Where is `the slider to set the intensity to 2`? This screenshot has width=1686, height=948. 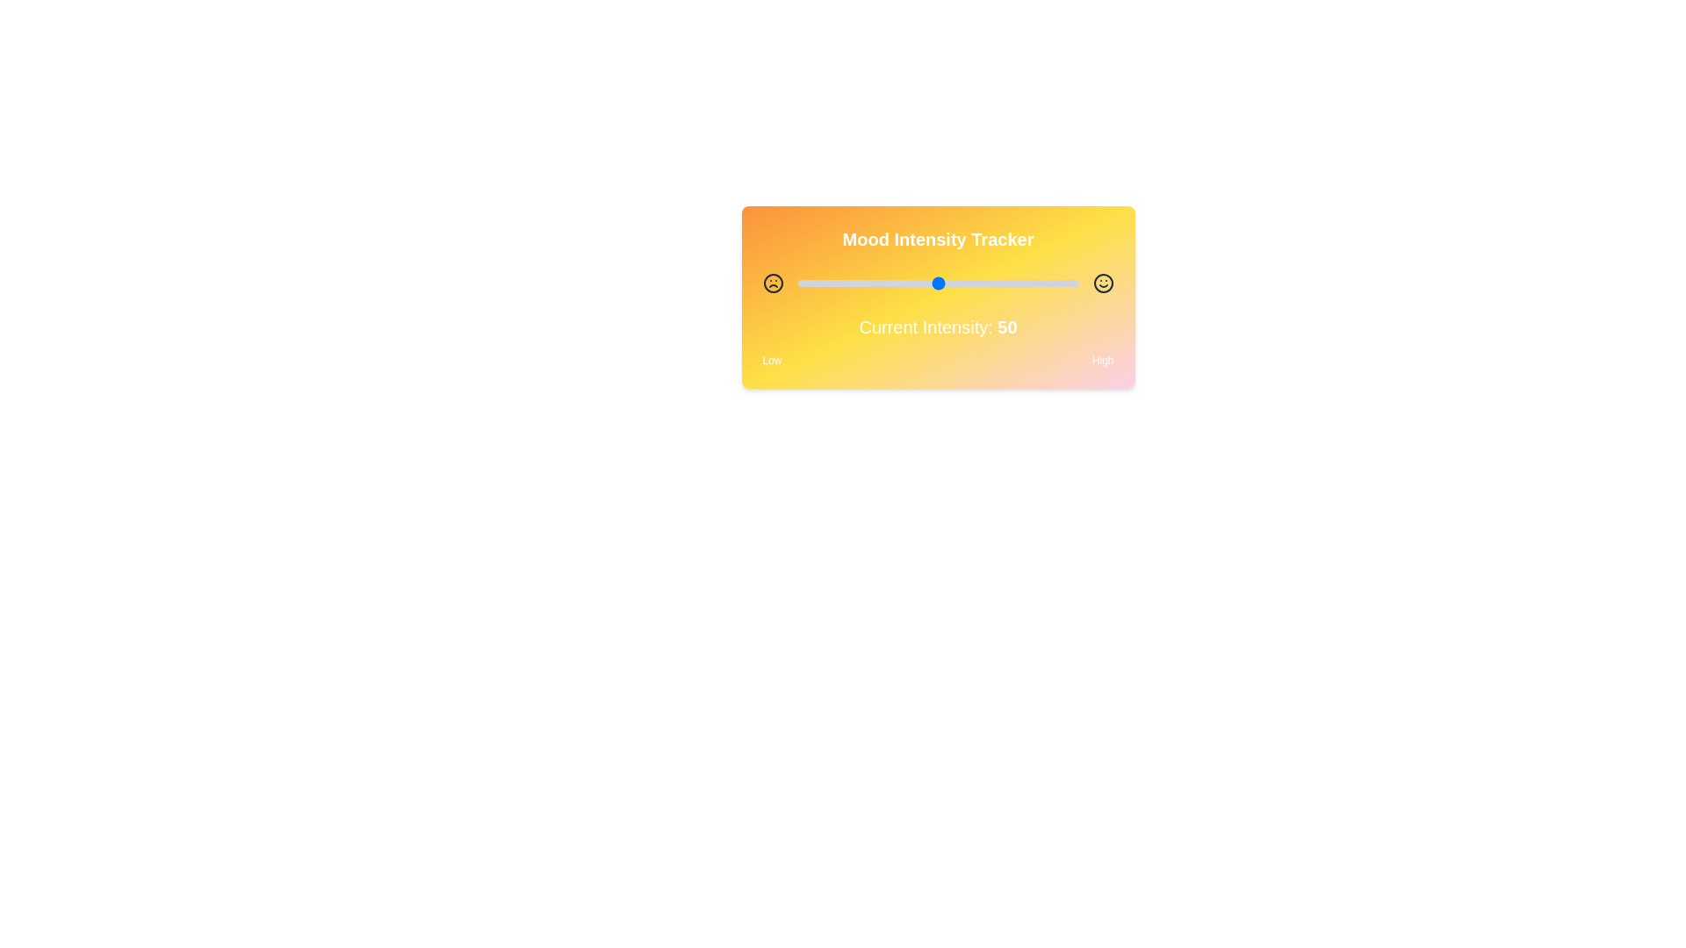
the slider to set the intensity to 2 is located at coordinates (802, 283).